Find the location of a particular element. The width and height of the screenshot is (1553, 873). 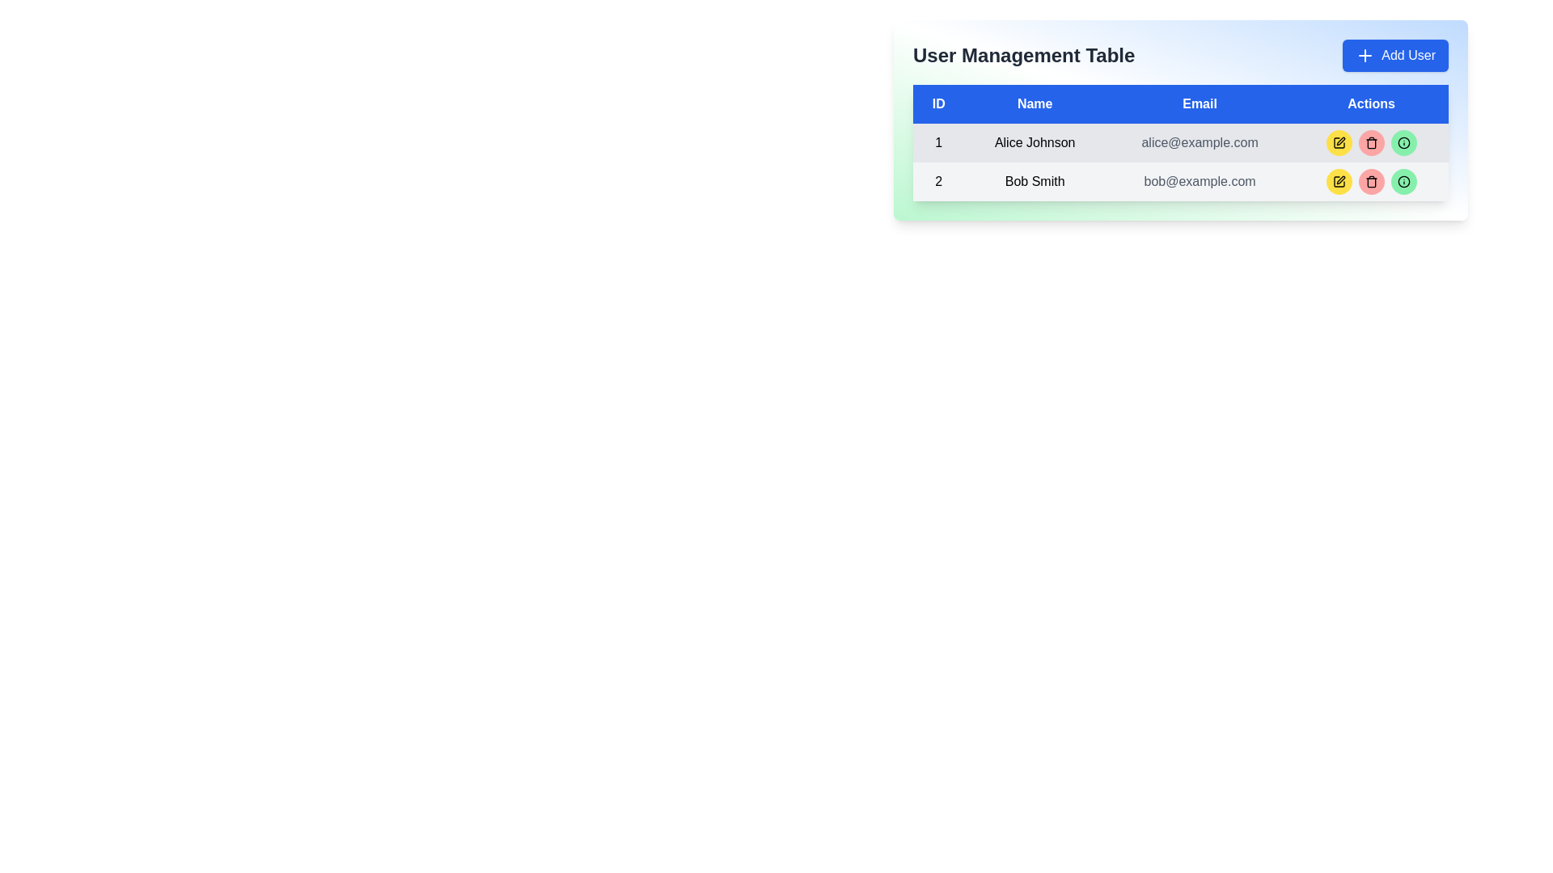

the yellow circular button with a pen icon in the actions column of the first row of the user table is located at coordinates (1339, 142).